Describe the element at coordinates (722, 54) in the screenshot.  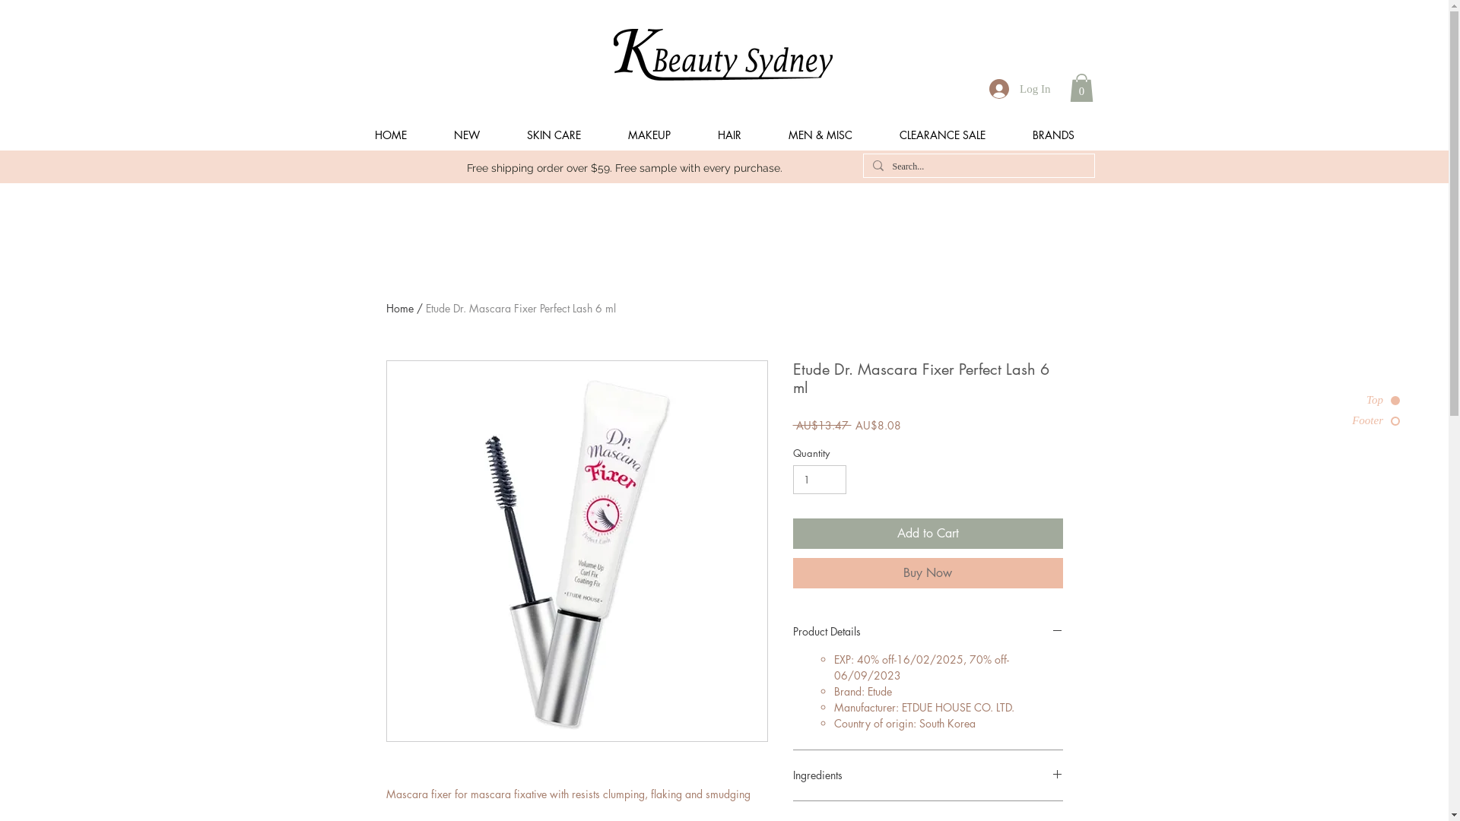
I see `'logo.png'` at that location.